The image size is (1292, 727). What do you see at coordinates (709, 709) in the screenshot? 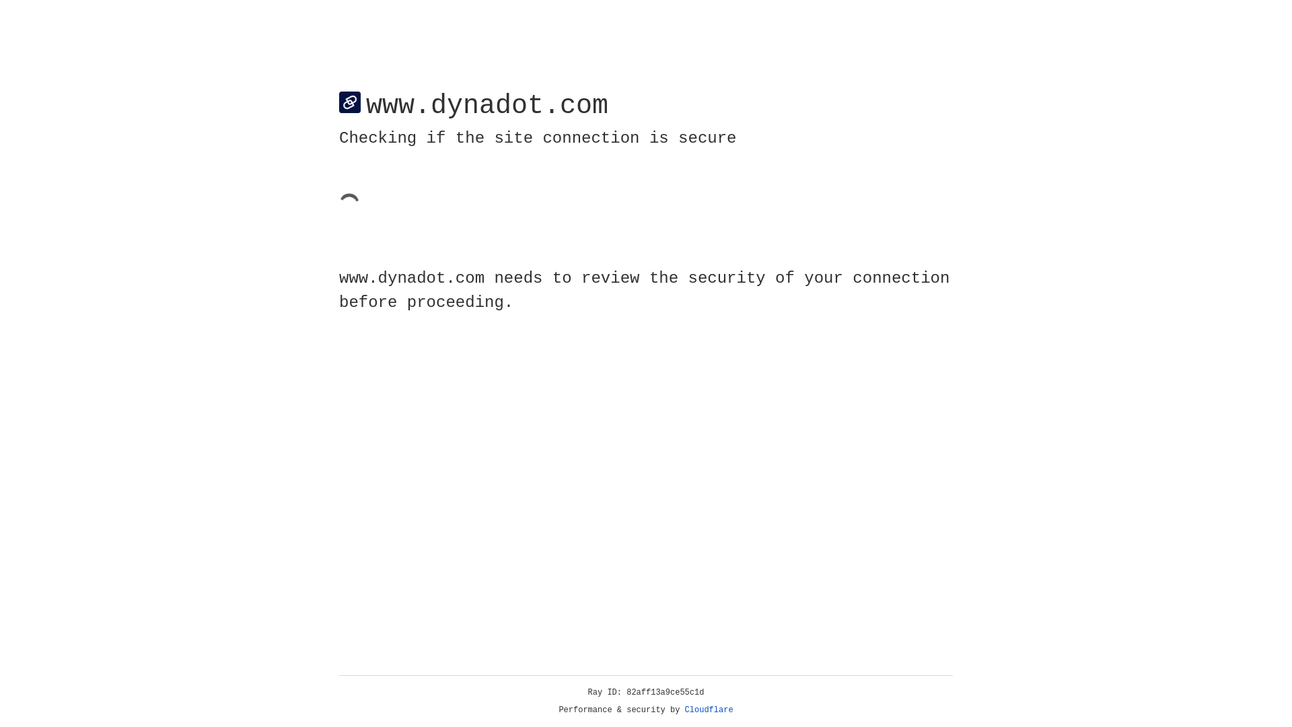
I see `'Cloudflare'` at bounding box center [709, 709].